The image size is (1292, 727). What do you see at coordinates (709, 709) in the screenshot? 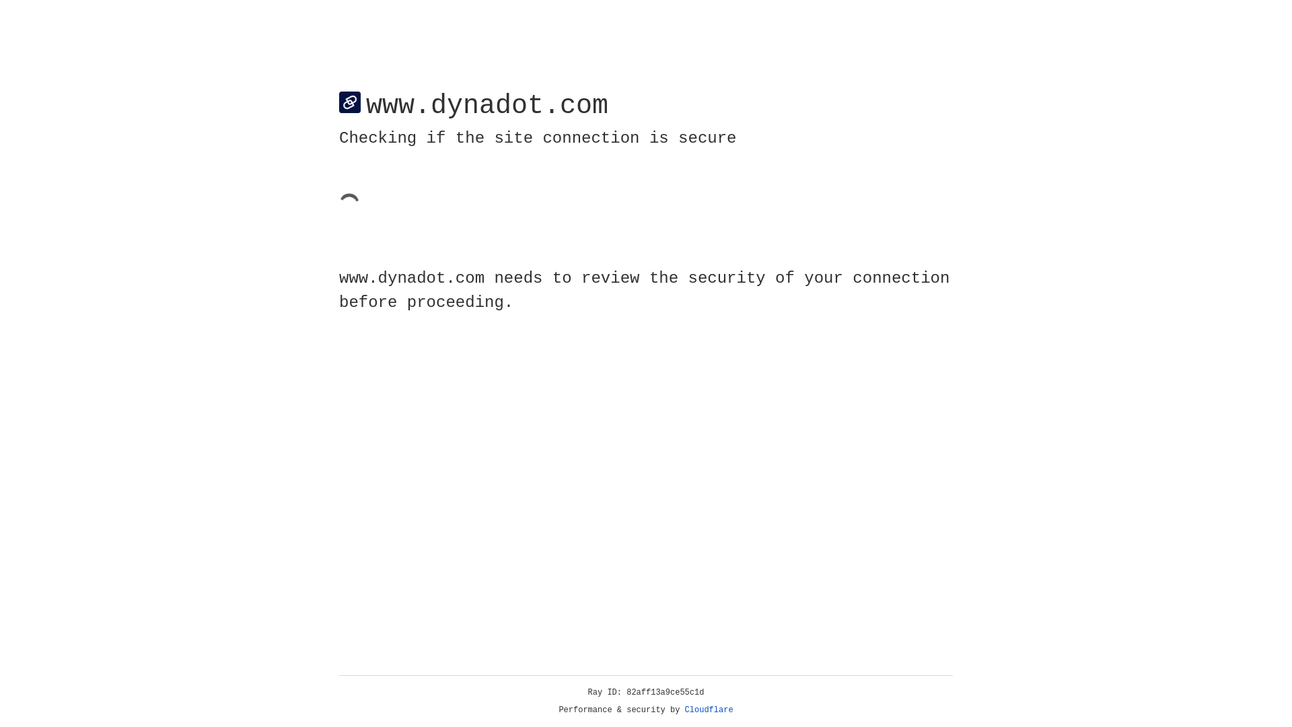
I see `'Cloudflare'` at bounding box center [709, 709].